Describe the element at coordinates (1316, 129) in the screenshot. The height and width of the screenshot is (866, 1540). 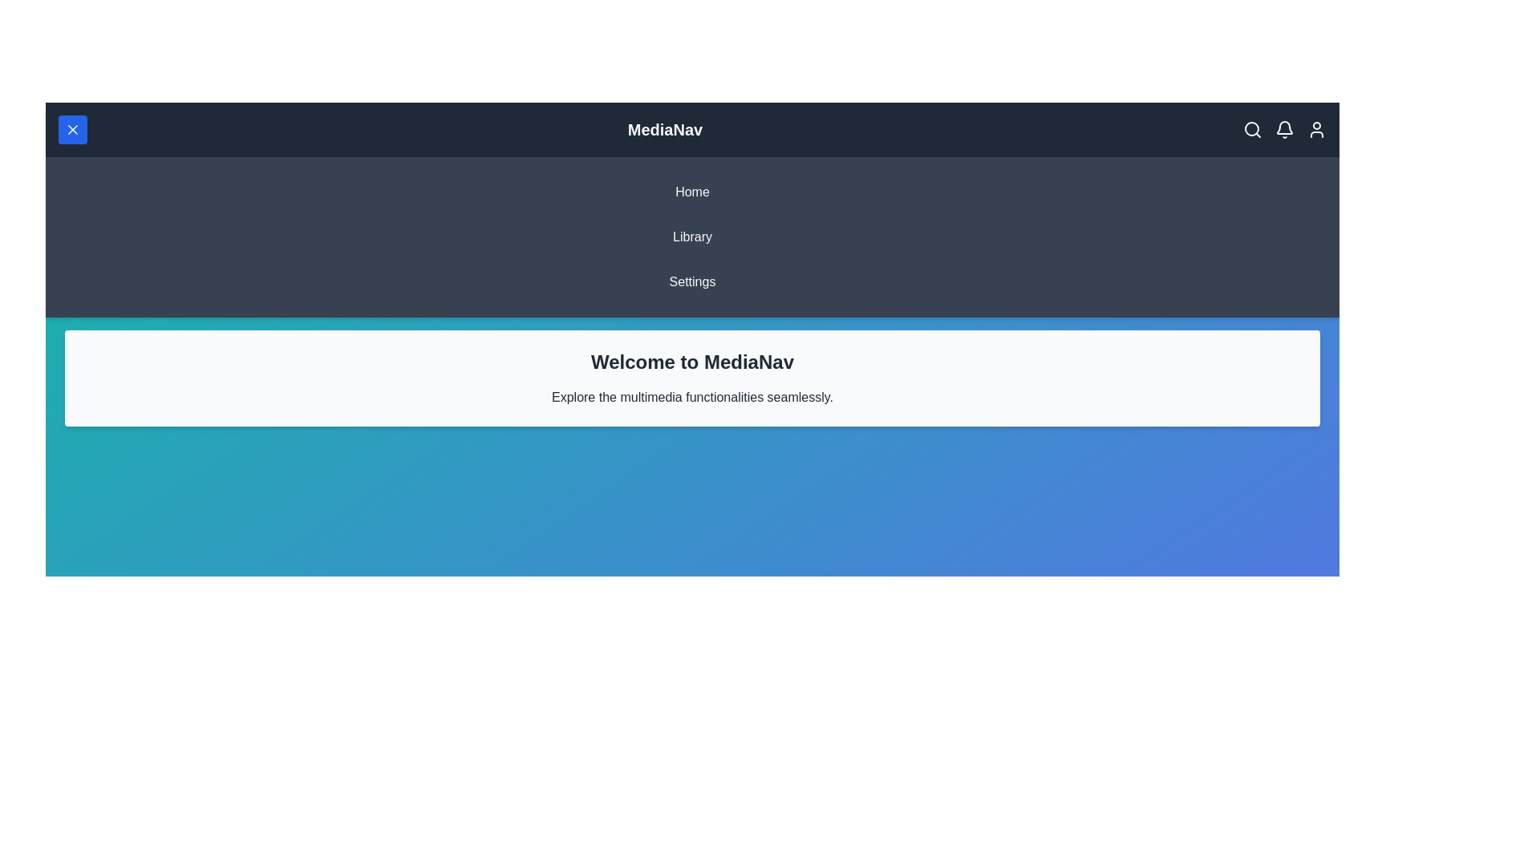
I see `the 'User Profile' icon` at that location.